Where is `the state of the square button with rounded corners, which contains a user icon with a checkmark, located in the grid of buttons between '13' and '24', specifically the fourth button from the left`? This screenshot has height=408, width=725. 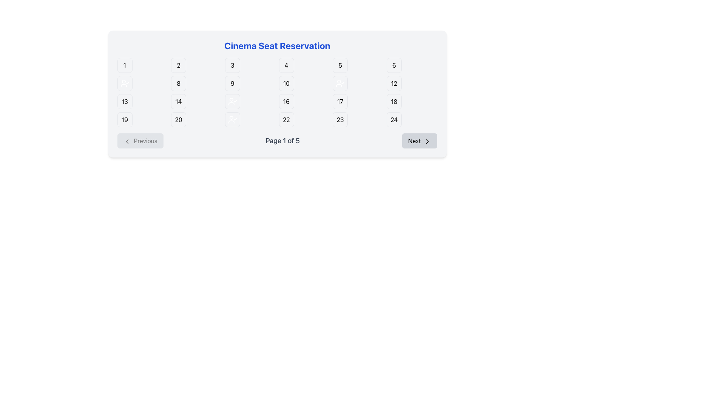
the state of the square button with rounded corners, which contains a user icon with a checkmark, located in the grid of buttons between '13' and '24', specifically the fourth button from the left is located at coordinates (232, 101).